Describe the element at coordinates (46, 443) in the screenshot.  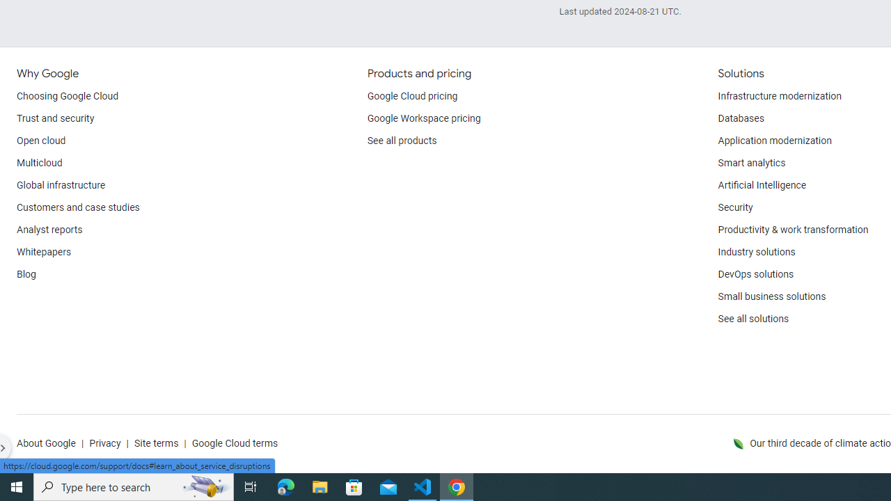
I see `'About Google'` at that location.